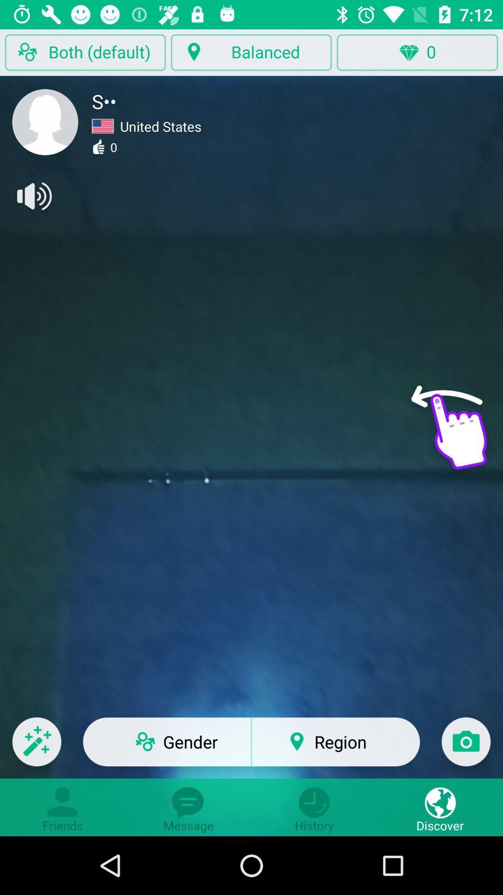 The width and height of the screenshot is (503, 895). Describe the element at coordinates (251, 52) in the screenshot. I see `balanced` at that location.